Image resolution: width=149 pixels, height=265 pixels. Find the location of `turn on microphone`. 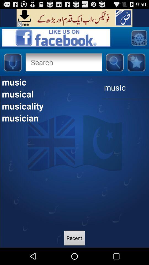

turn on microphone is located at coordinates (12, 62).